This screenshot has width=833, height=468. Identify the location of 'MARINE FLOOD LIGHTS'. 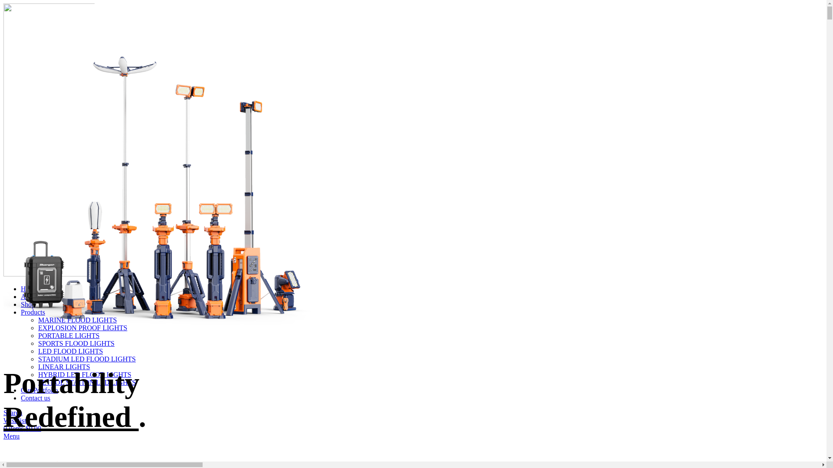
(77, 320).